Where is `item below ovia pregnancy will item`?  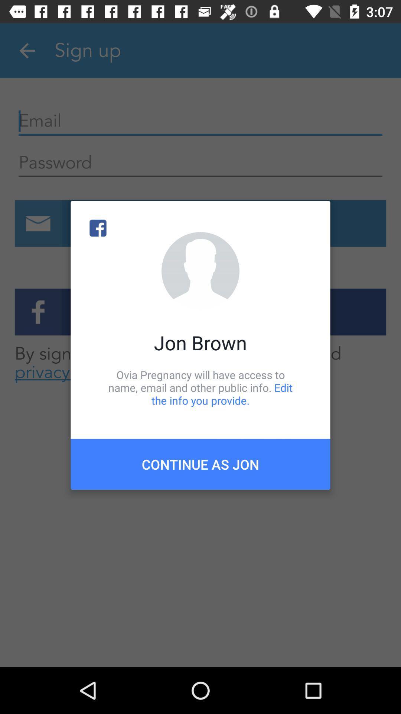 item below ovia pregnancy will item is located at coordinates (200, 464).